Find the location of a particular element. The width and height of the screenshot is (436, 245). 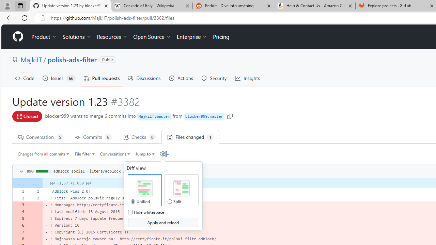

'Security' is located at coordinates (214, 78).